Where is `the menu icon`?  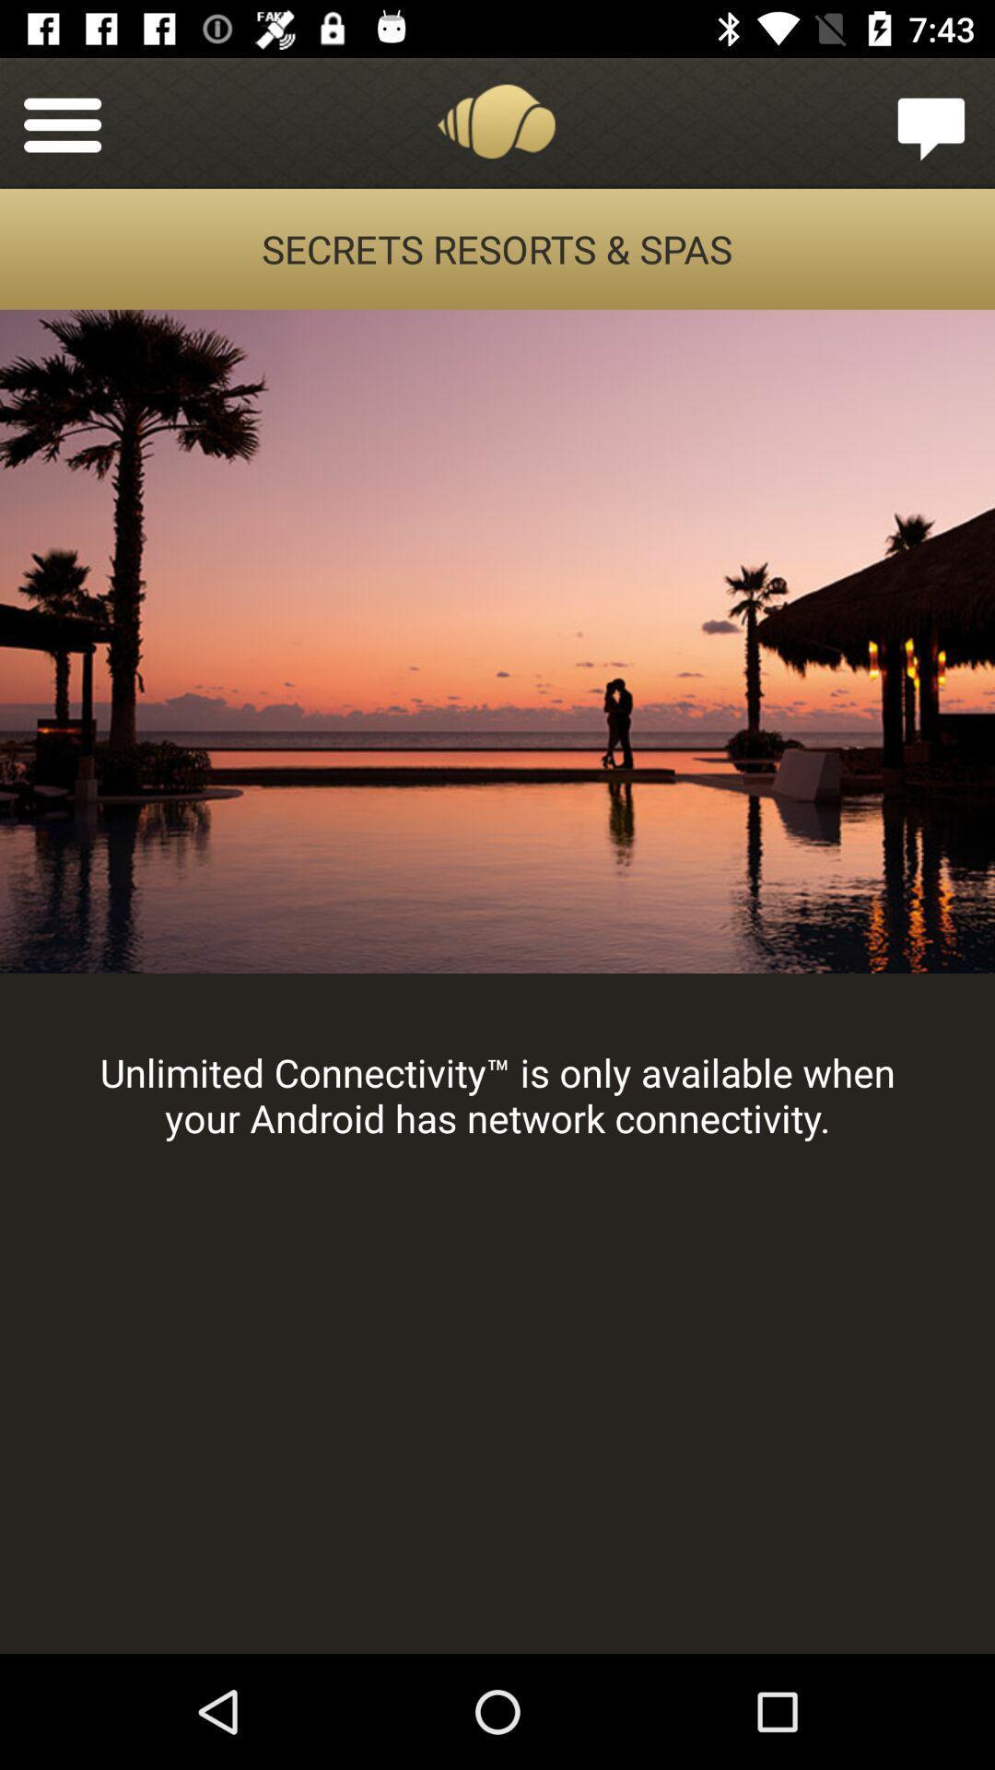
the menu icon is located at coordinates (62, 122).